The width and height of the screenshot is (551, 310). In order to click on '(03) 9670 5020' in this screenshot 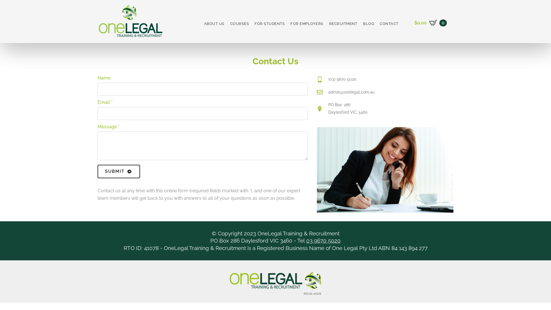, I will do `click(317, 80)`.